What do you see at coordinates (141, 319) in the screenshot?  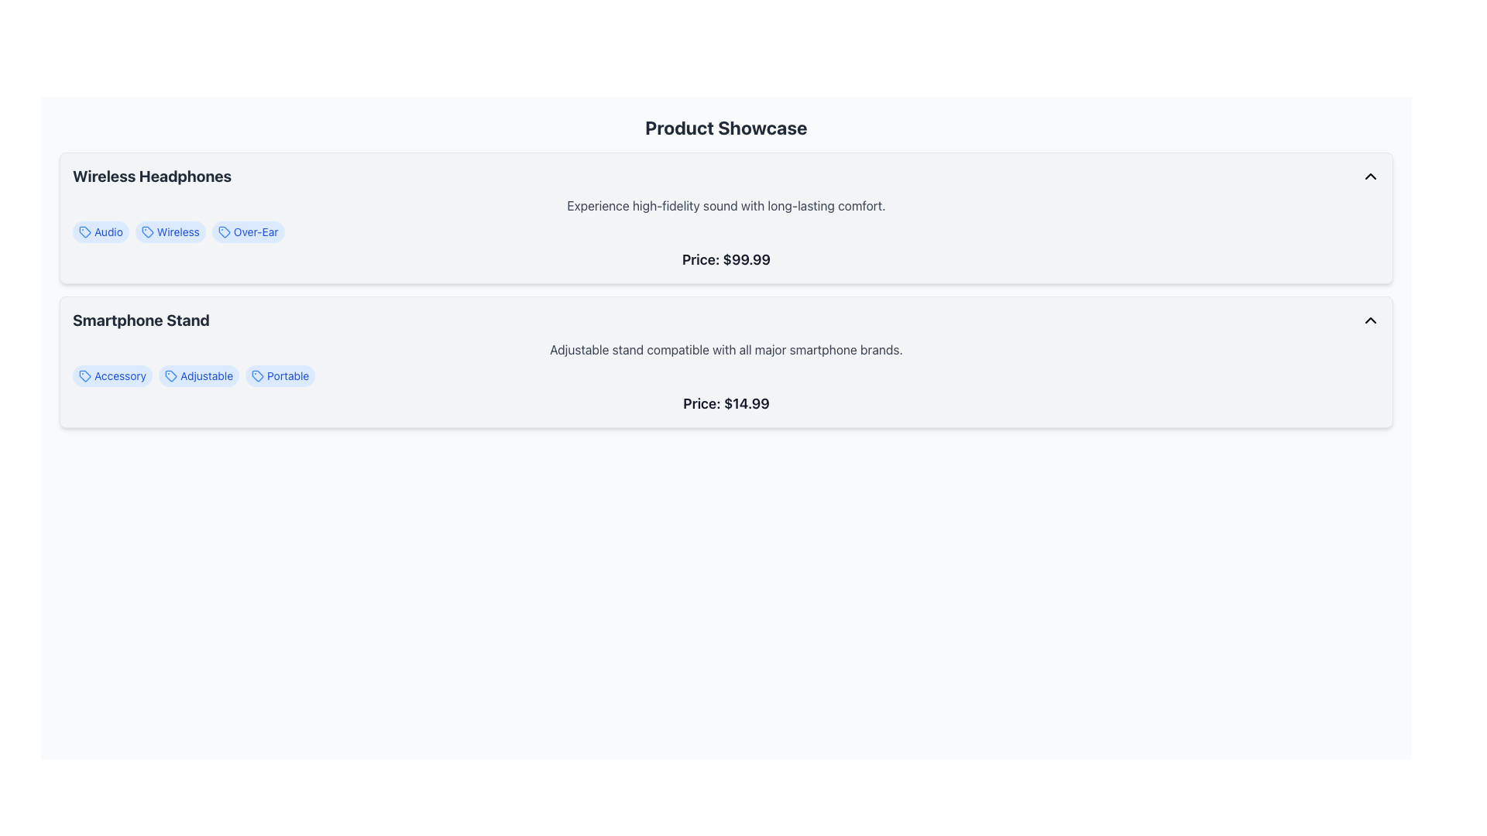 I see `the TextLabel displaying 'Smartphone Stand' in the second product card, located at the top of the details section` at bounding box center [141, 319].